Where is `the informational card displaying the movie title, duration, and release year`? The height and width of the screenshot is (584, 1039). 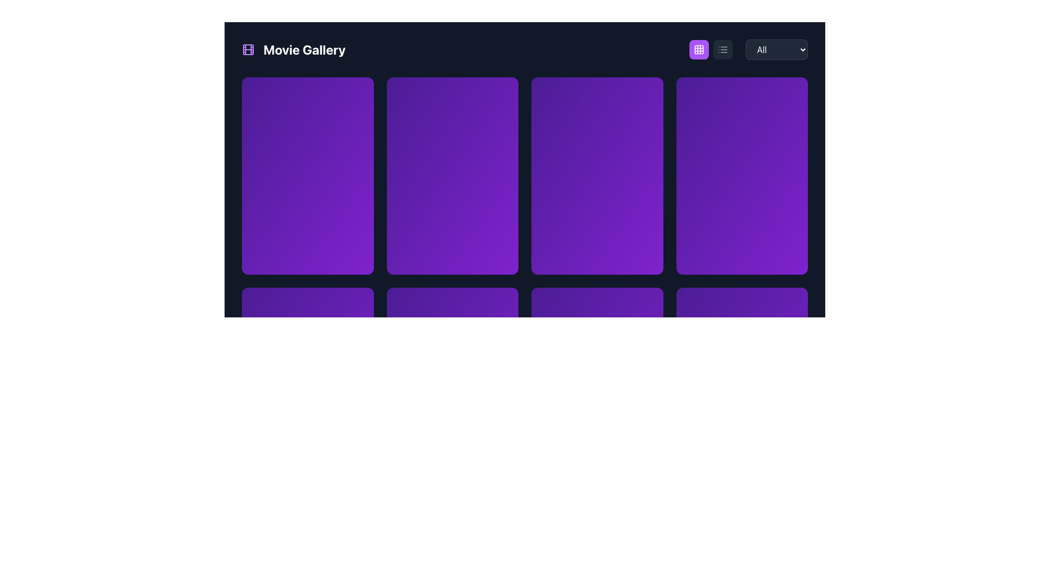
the informational card displaying the movie title, duration, and release year is located at coordinates (596, 222).